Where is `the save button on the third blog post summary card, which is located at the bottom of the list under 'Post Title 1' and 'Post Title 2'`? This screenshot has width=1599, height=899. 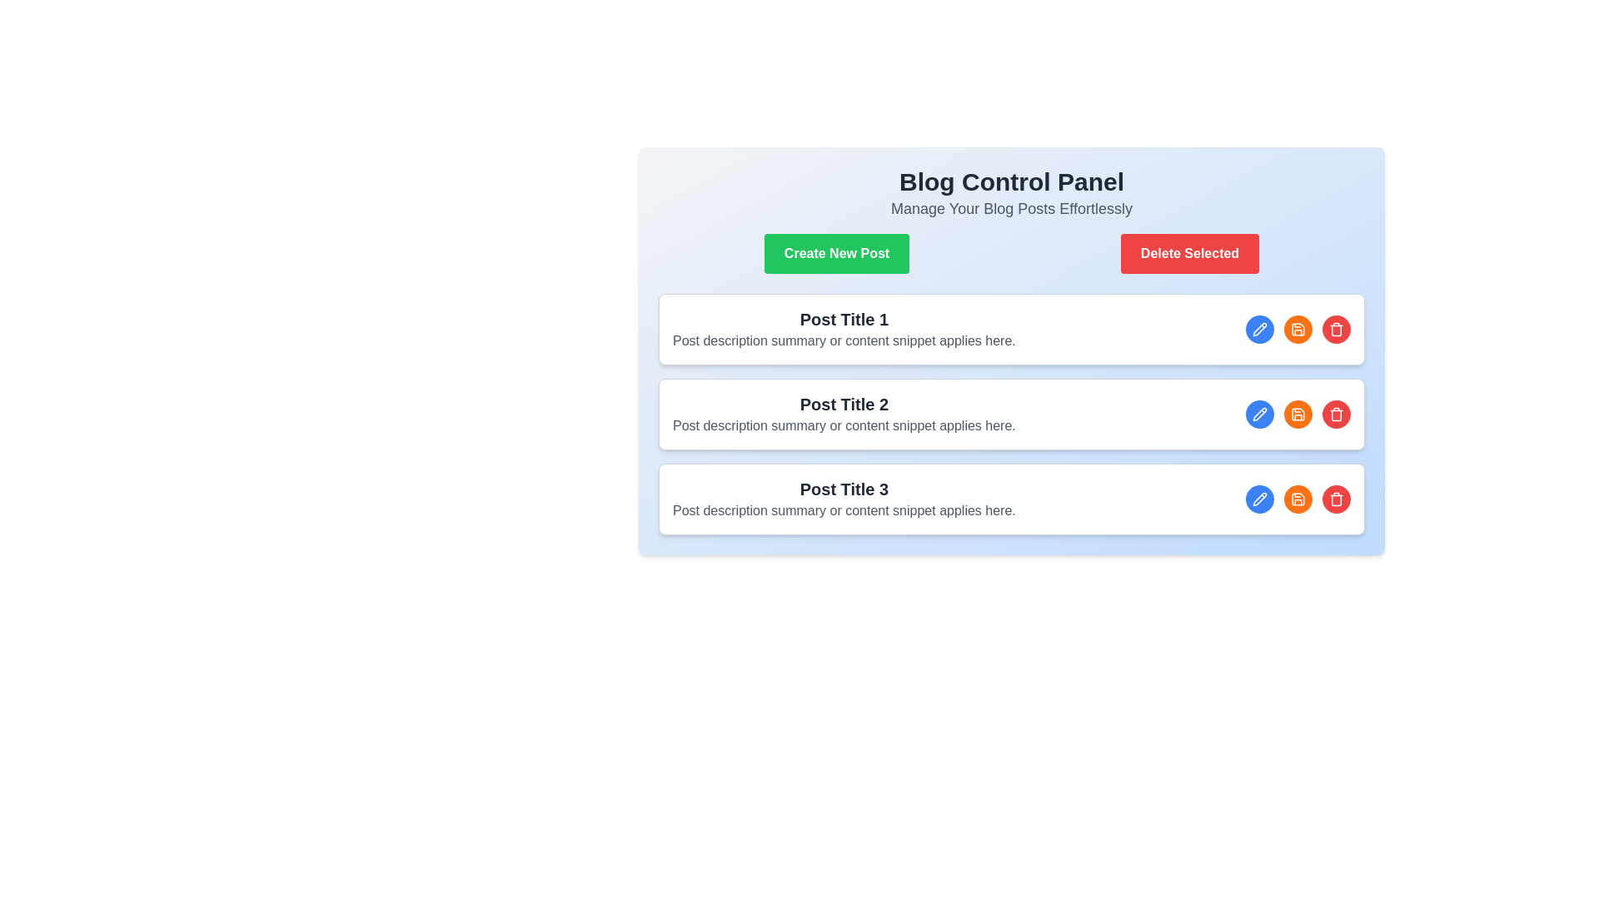
the save button on the third blog post summary card, which is located at the bottom of the list under 'Post Title 1' and 'Post Title 2' is located at coordinates (1010, 499).